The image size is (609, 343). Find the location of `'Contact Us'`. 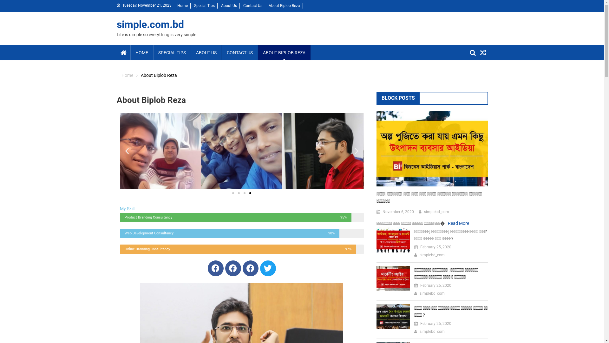

'Contact Us' is located at coordinates (252, 6).